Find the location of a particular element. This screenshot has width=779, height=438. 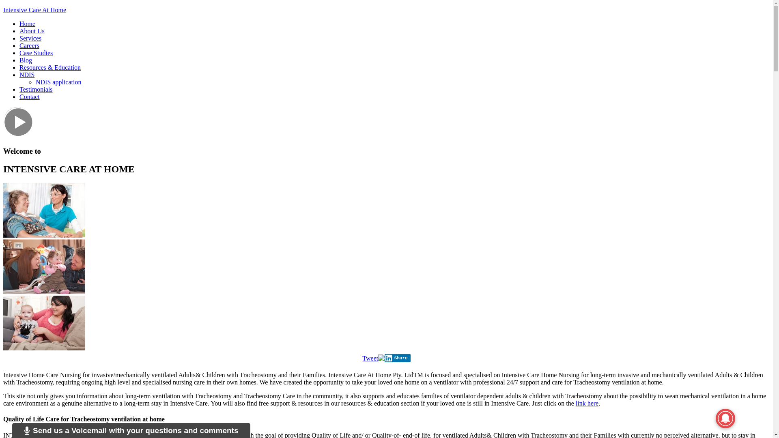

'link here' is located at coordinates (587, 403).